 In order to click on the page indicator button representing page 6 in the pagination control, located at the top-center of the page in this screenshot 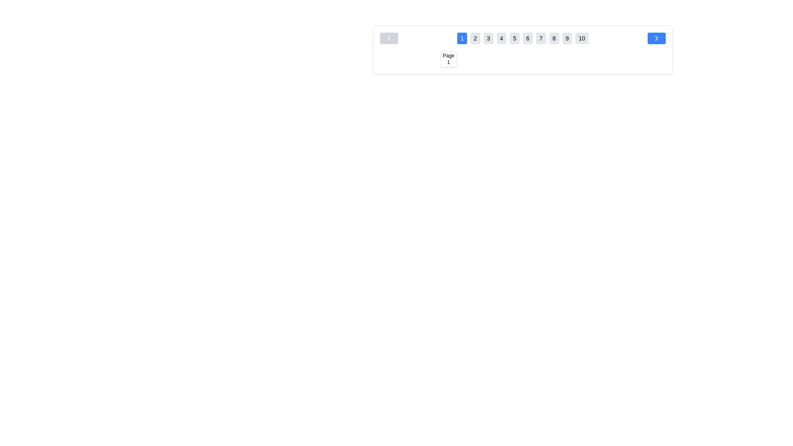, I will do `click(531, 58)`.